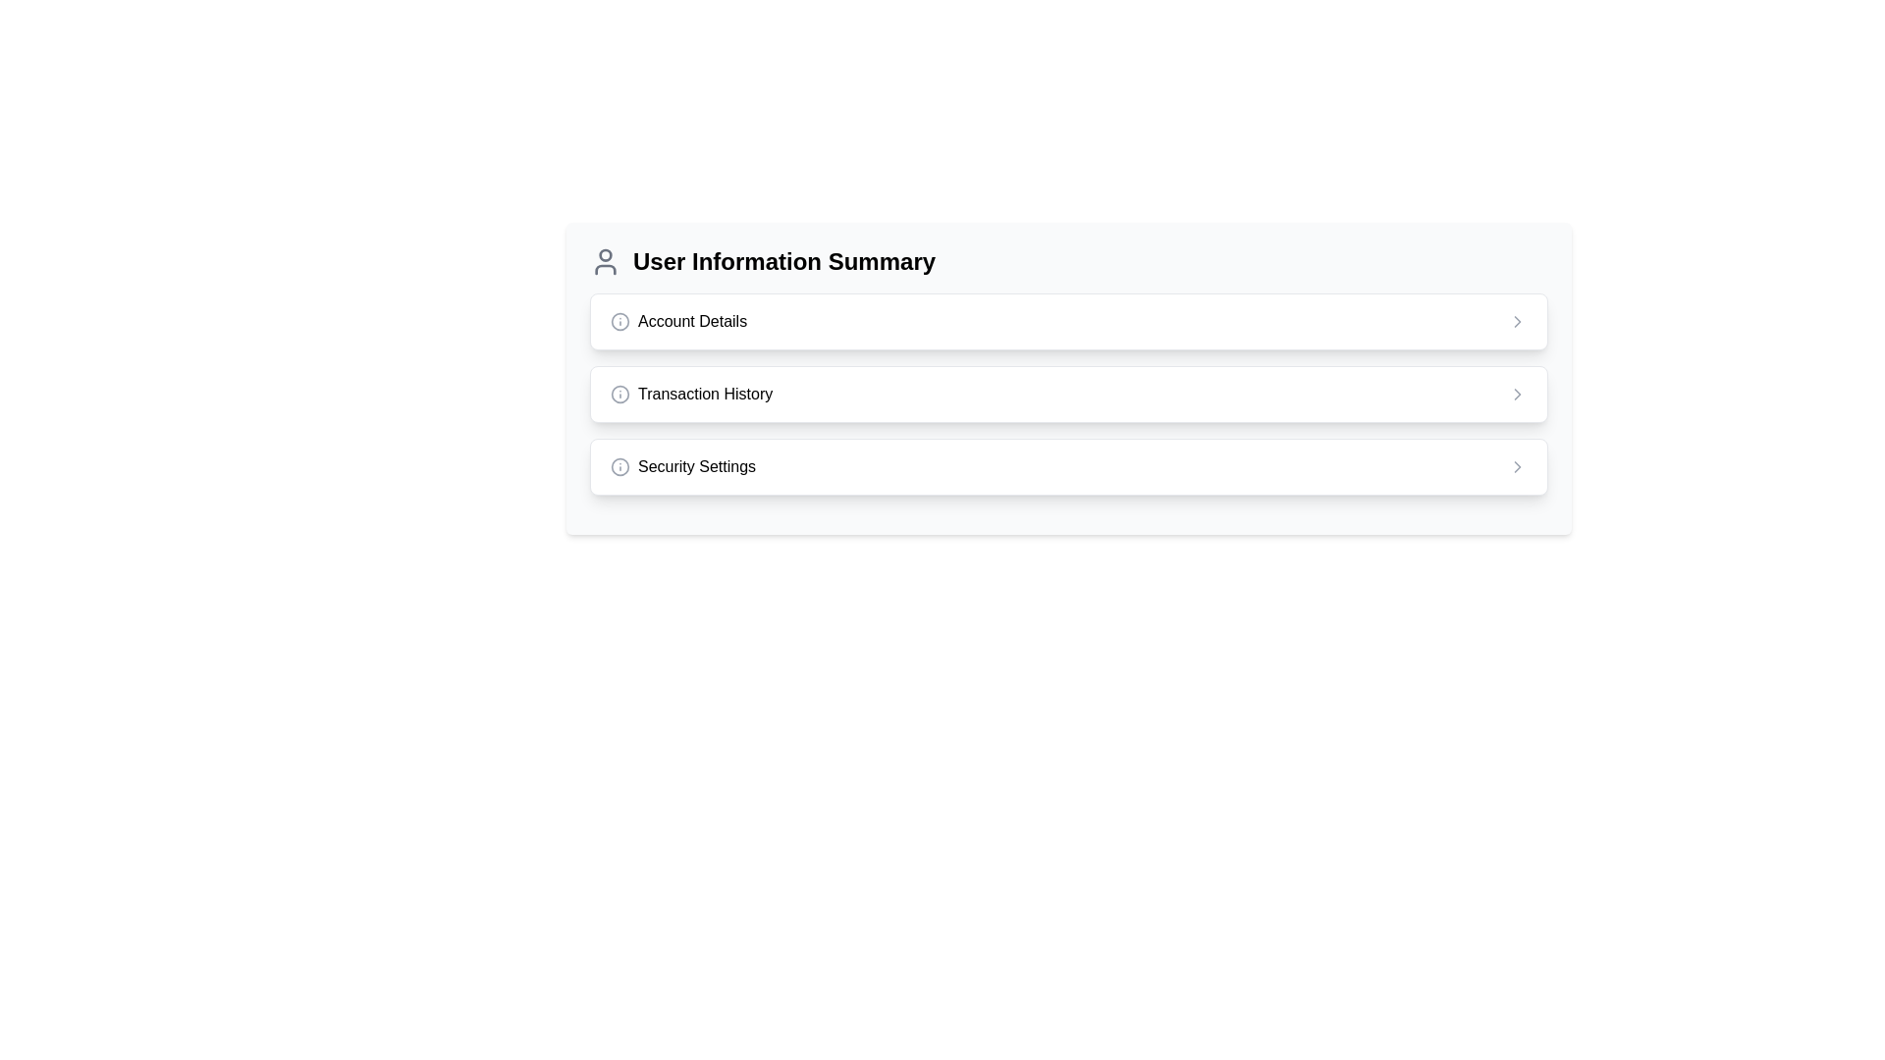  What do you see at coordinates (1068, 466) in the screenshot?
I see `the third item in the vertically arranged list of settings options` at bounding box center [1068, 466].